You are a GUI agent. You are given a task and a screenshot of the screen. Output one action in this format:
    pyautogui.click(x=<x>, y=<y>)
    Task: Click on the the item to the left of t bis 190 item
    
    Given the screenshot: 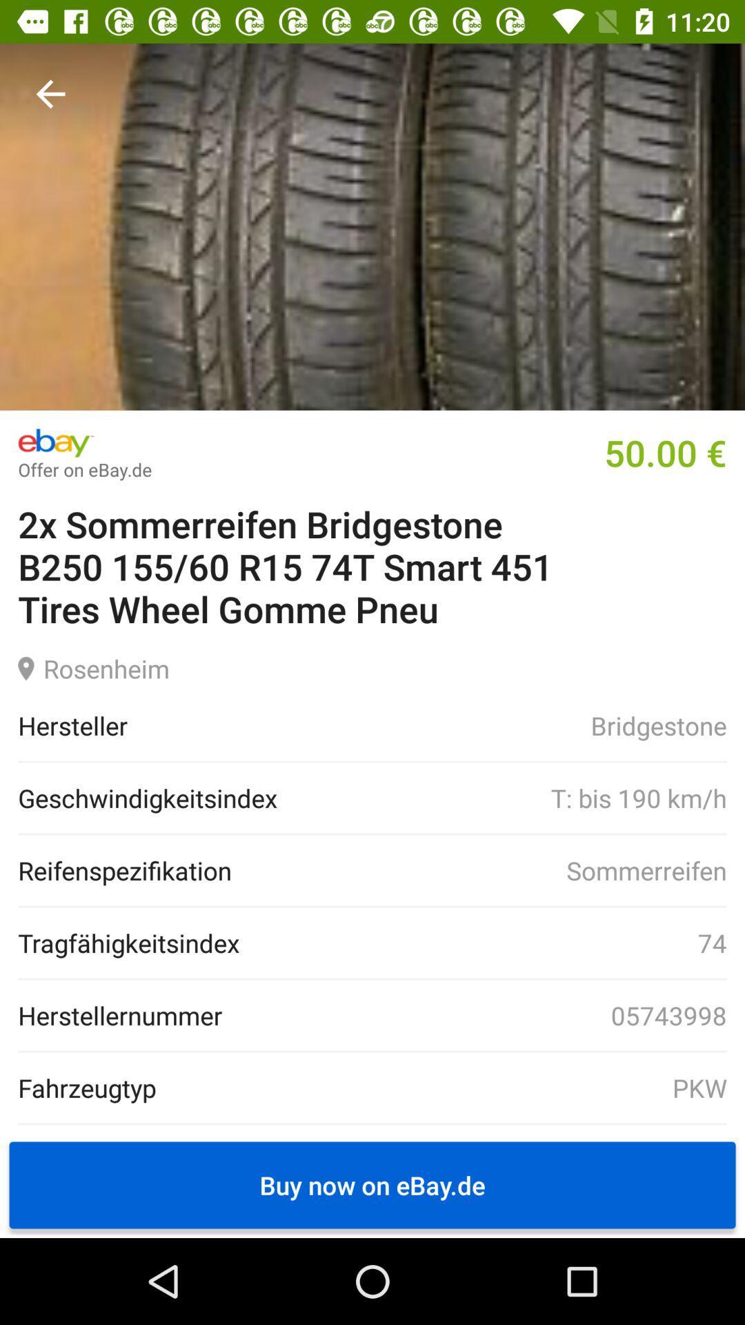 What is the action you would take?
    pyautogui.click(x=148, y=798)
    